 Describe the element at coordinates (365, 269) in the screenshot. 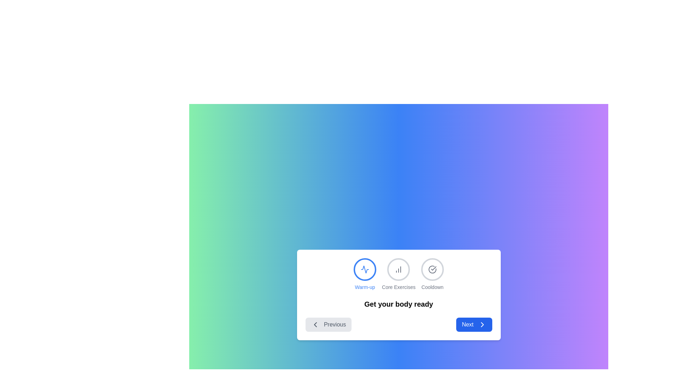

I see `the icon representing the step Warm-up to view its details` at that location.